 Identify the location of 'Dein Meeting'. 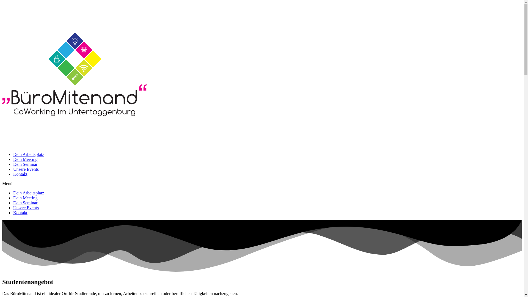
(13, 197).